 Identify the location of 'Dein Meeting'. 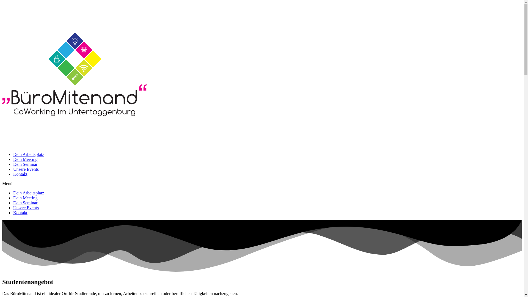
(13, 197).